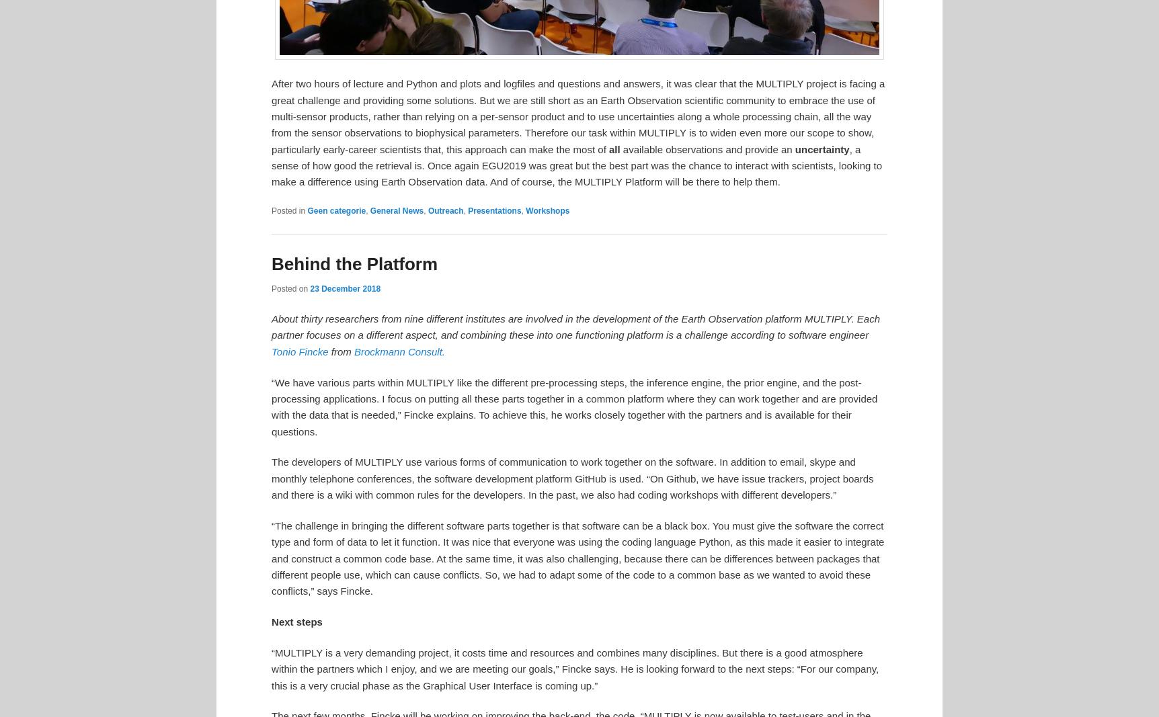  What do you see at coordinates (287, 211) in the screenshot?
I see `'Posted in'` at bounding box center [287, 211].